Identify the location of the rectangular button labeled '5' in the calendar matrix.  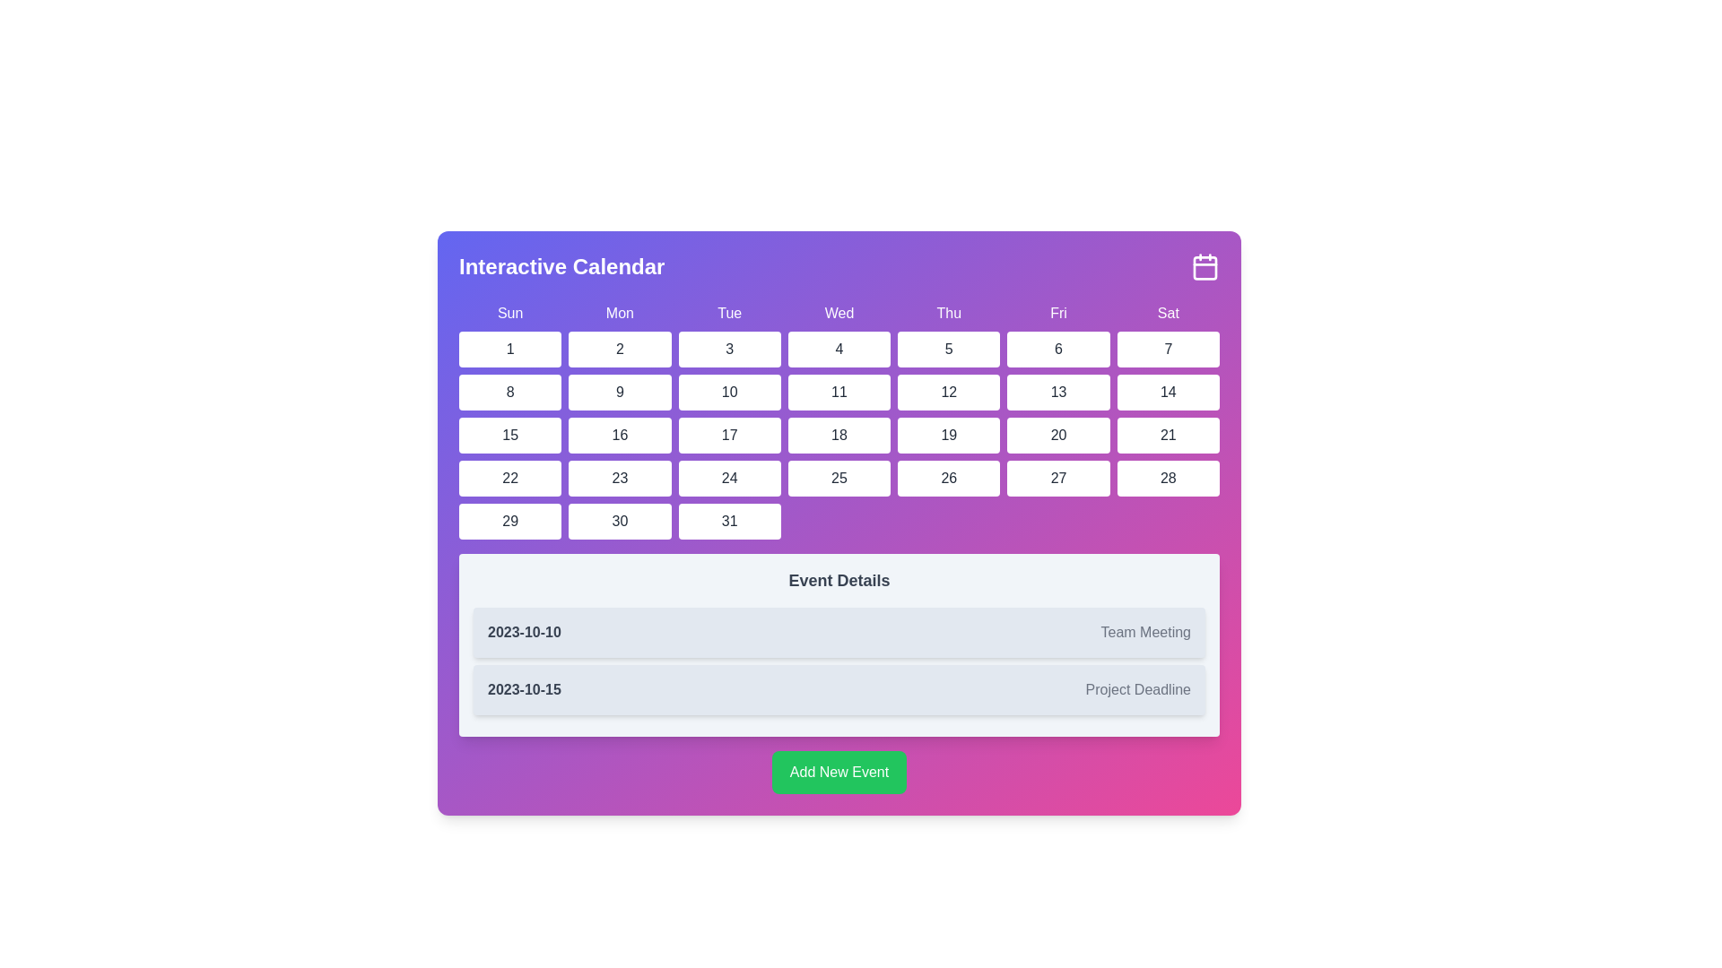
(948, 349).